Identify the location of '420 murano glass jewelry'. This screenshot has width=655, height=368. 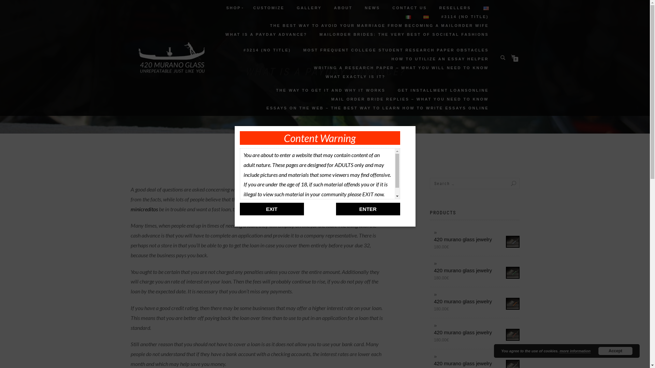
(476, 301).